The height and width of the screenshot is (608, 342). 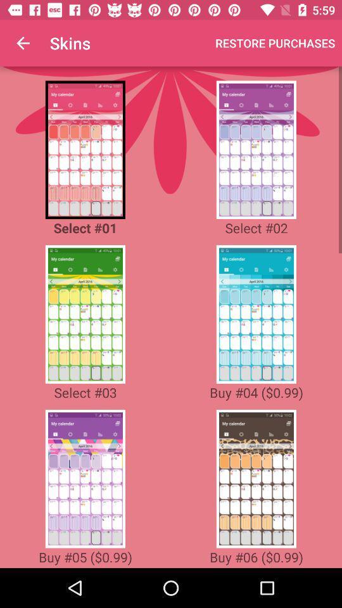 I want to click on 04 skin, so click(x=256, y=313).